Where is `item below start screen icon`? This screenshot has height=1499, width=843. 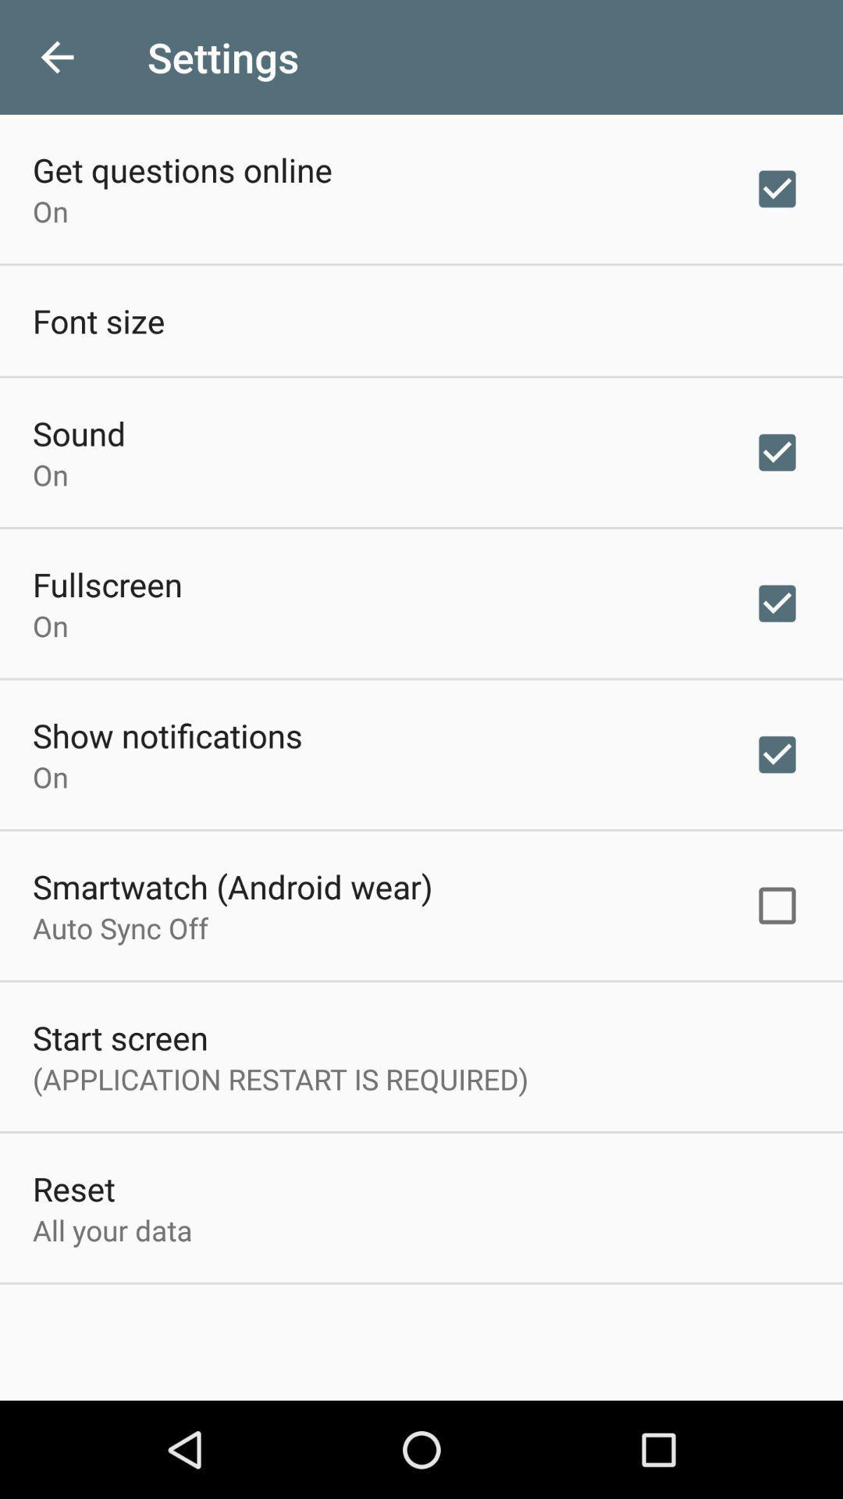 item below start screen icon is located at coordinates (279, 1078).